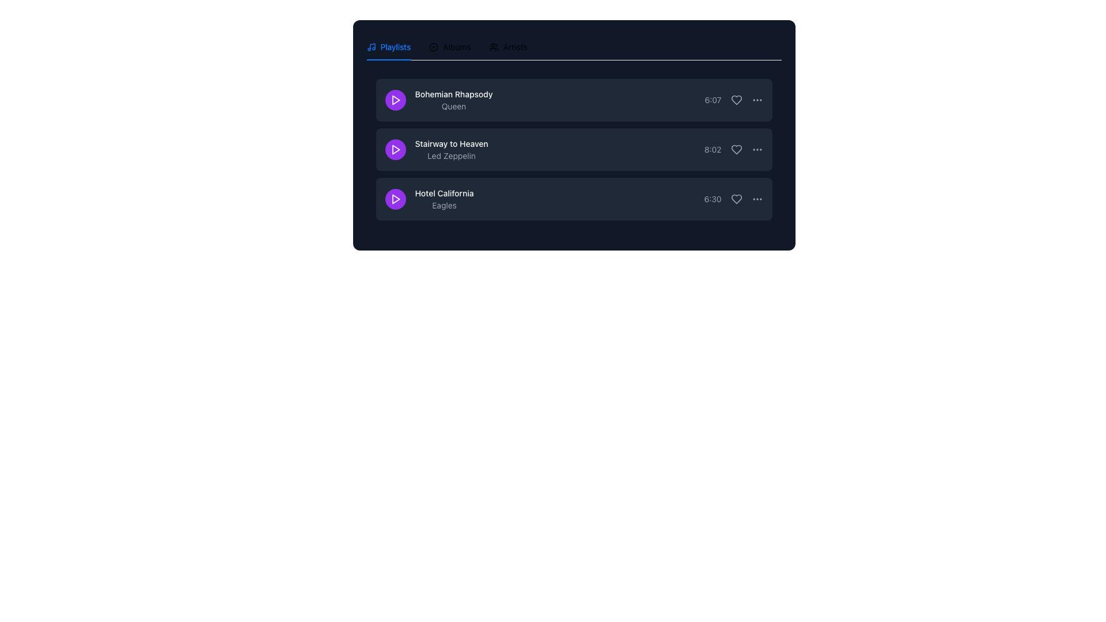 This screenshot has width=1106, height=622. What do you see at coordinates (736, 199) in the screenshot?
I see `the heart-shaped icon` at bounding box center [736, 199].